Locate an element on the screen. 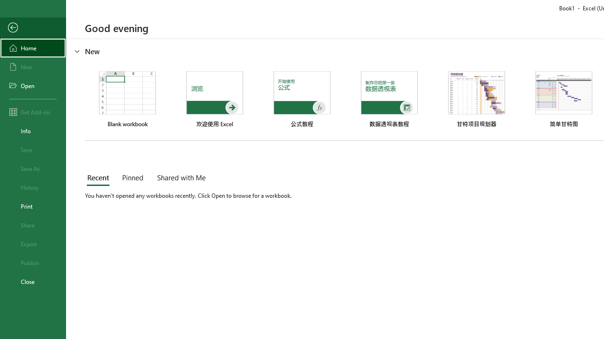  'Print' is located at coordinates (33, 206).